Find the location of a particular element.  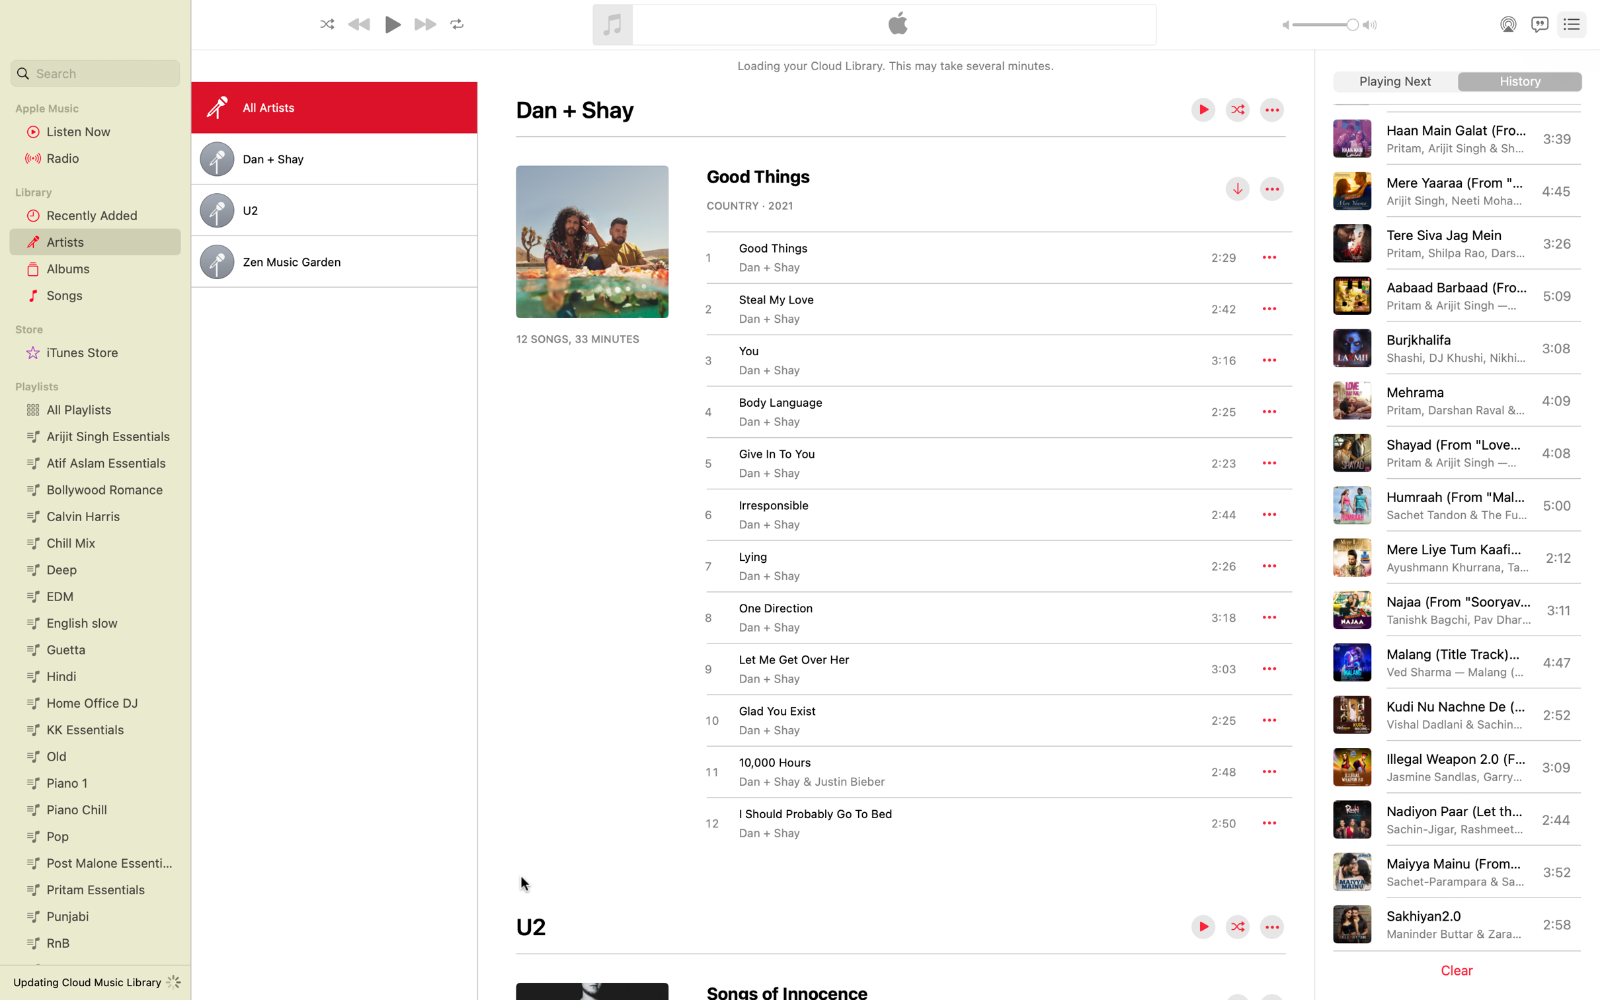

the extra settings for the track titled "You is located at coordinates (1267, 360).